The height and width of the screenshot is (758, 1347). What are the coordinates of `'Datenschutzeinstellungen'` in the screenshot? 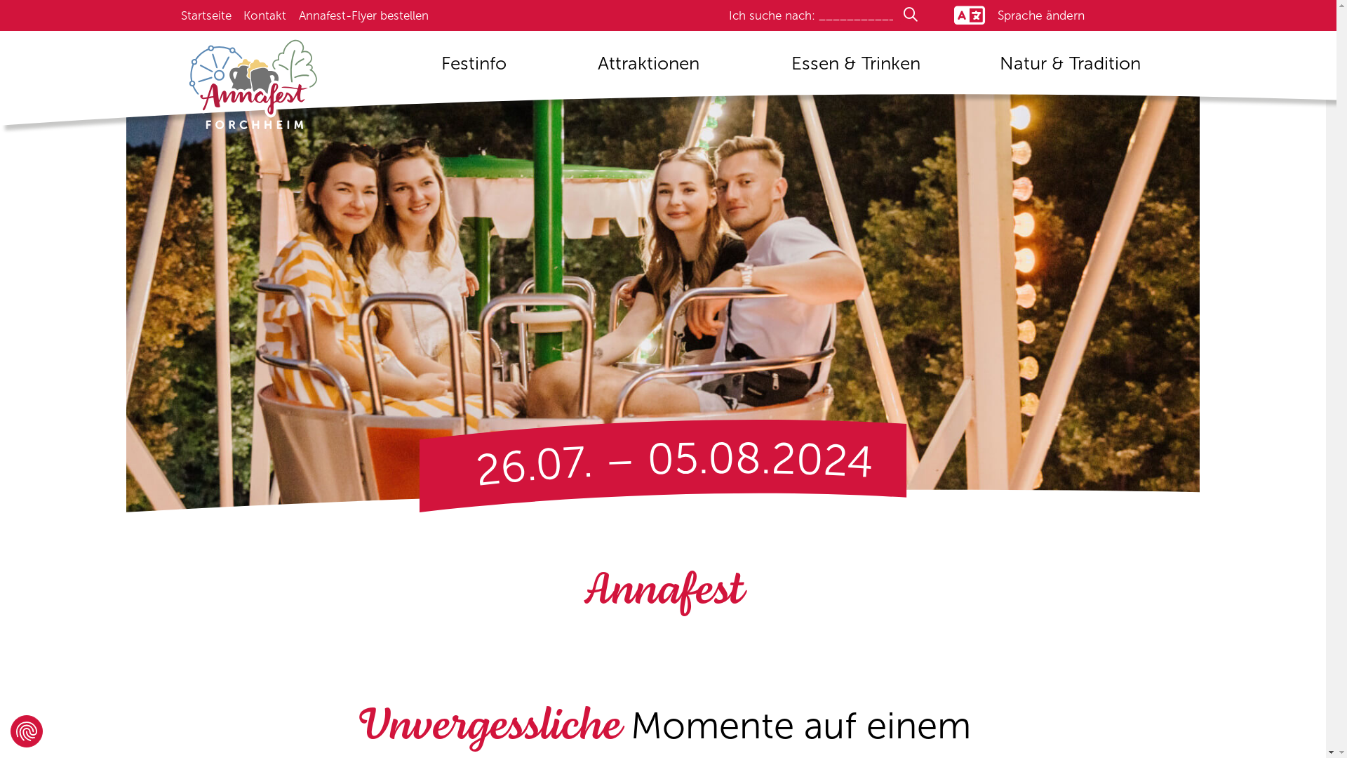 It's located at (27, 730).